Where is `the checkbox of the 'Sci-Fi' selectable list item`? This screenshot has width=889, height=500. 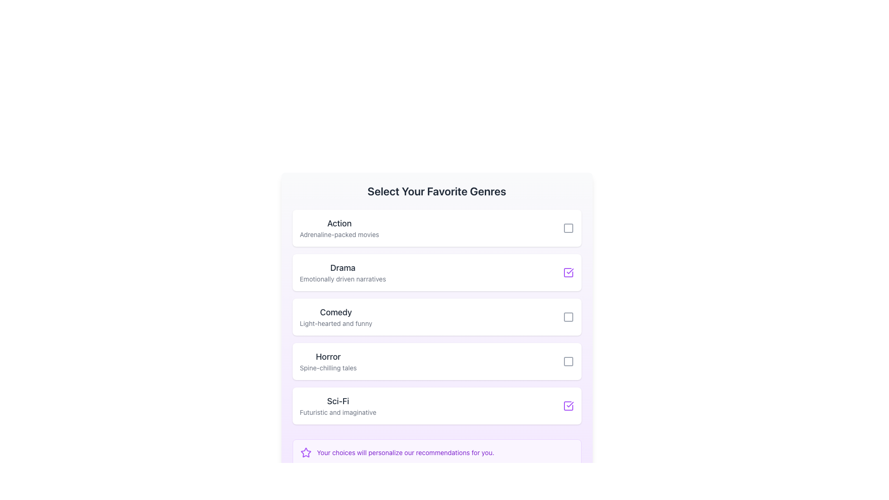
the checkbox of the 'Sci-Fi' selectable list item is located at coordinates (436, 405).